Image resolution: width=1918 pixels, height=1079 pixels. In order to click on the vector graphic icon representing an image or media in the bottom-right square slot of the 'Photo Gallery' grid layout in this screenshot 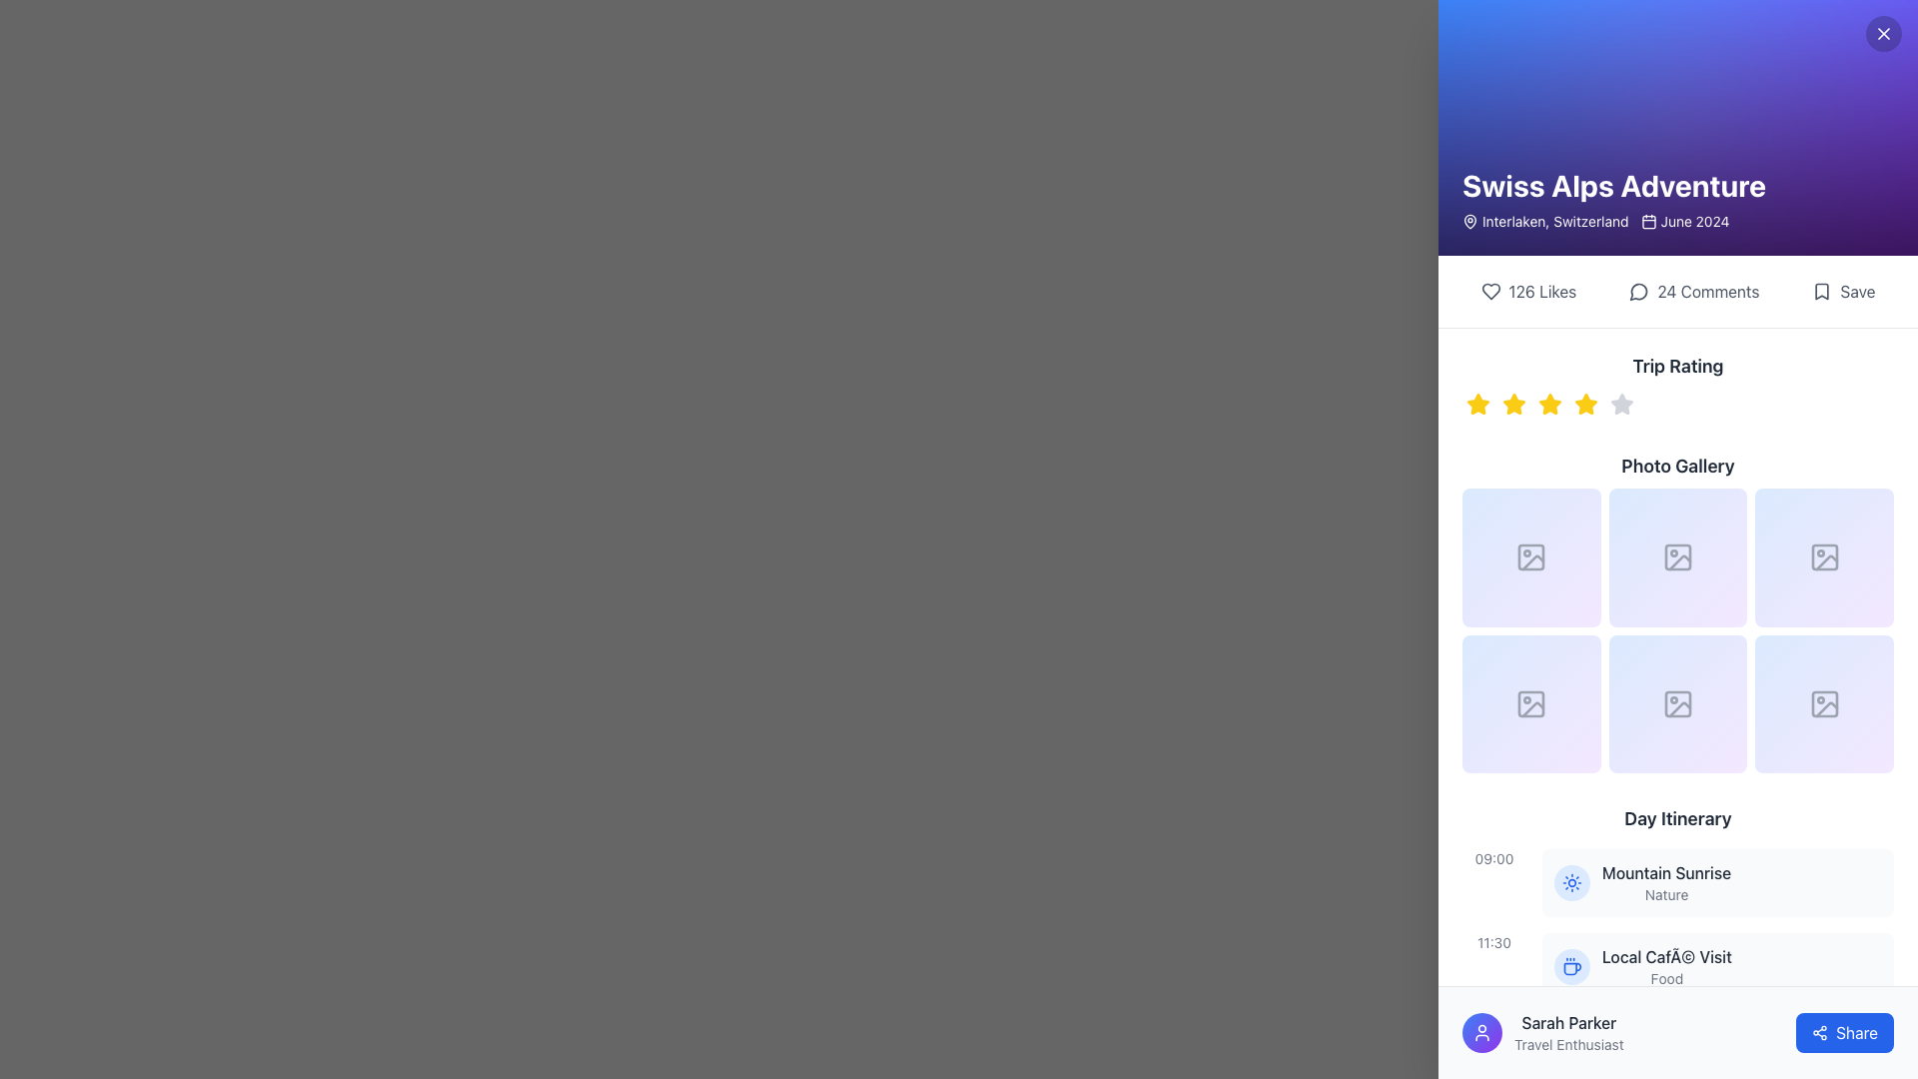, I will do `click(1678, 708)`.